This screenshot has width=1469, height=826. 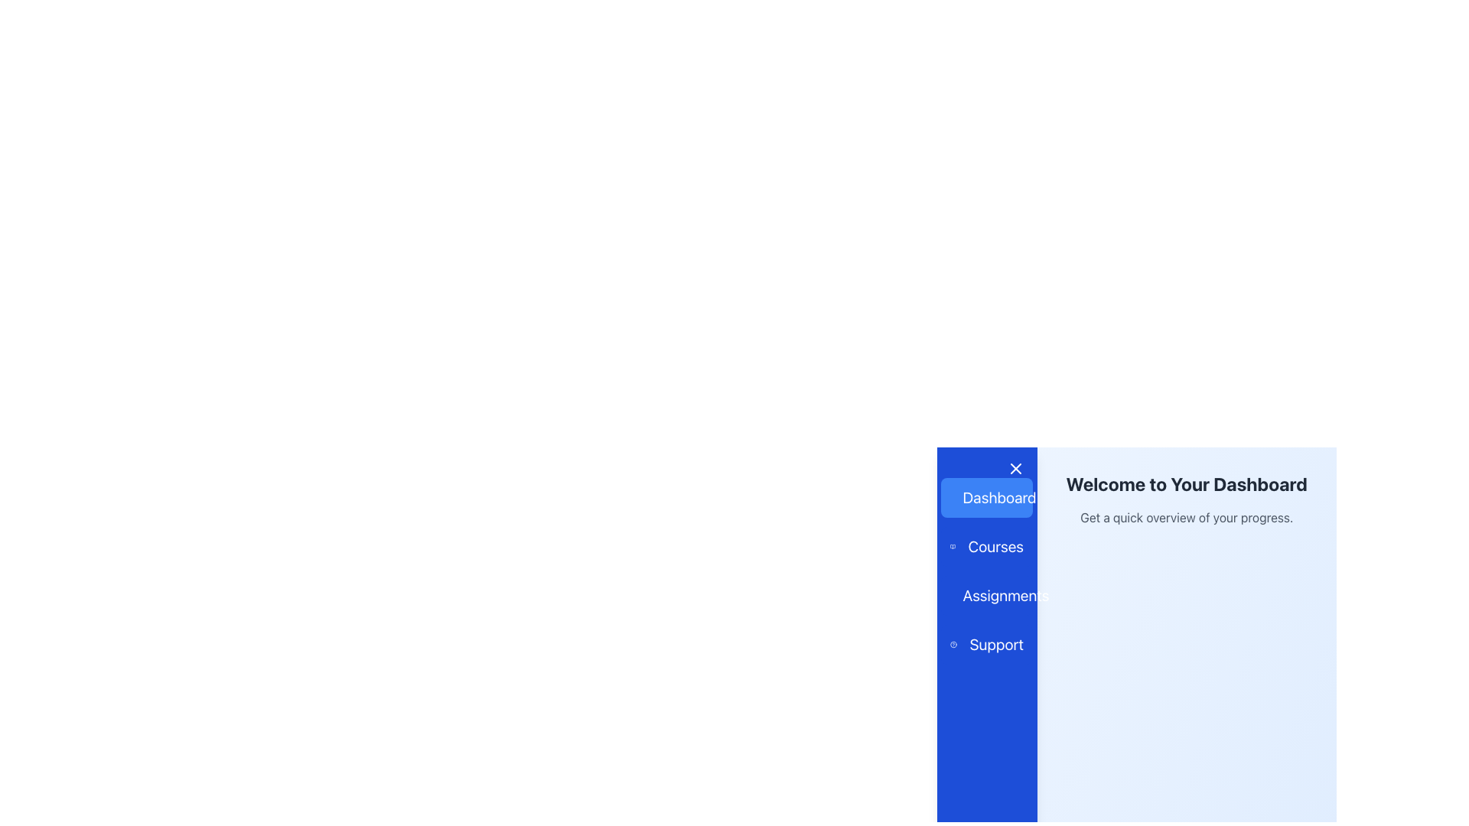 I want to click on the Close button icon located at the upper right corner of the 'Dashboard' header section, so click(x=1015, y=468).